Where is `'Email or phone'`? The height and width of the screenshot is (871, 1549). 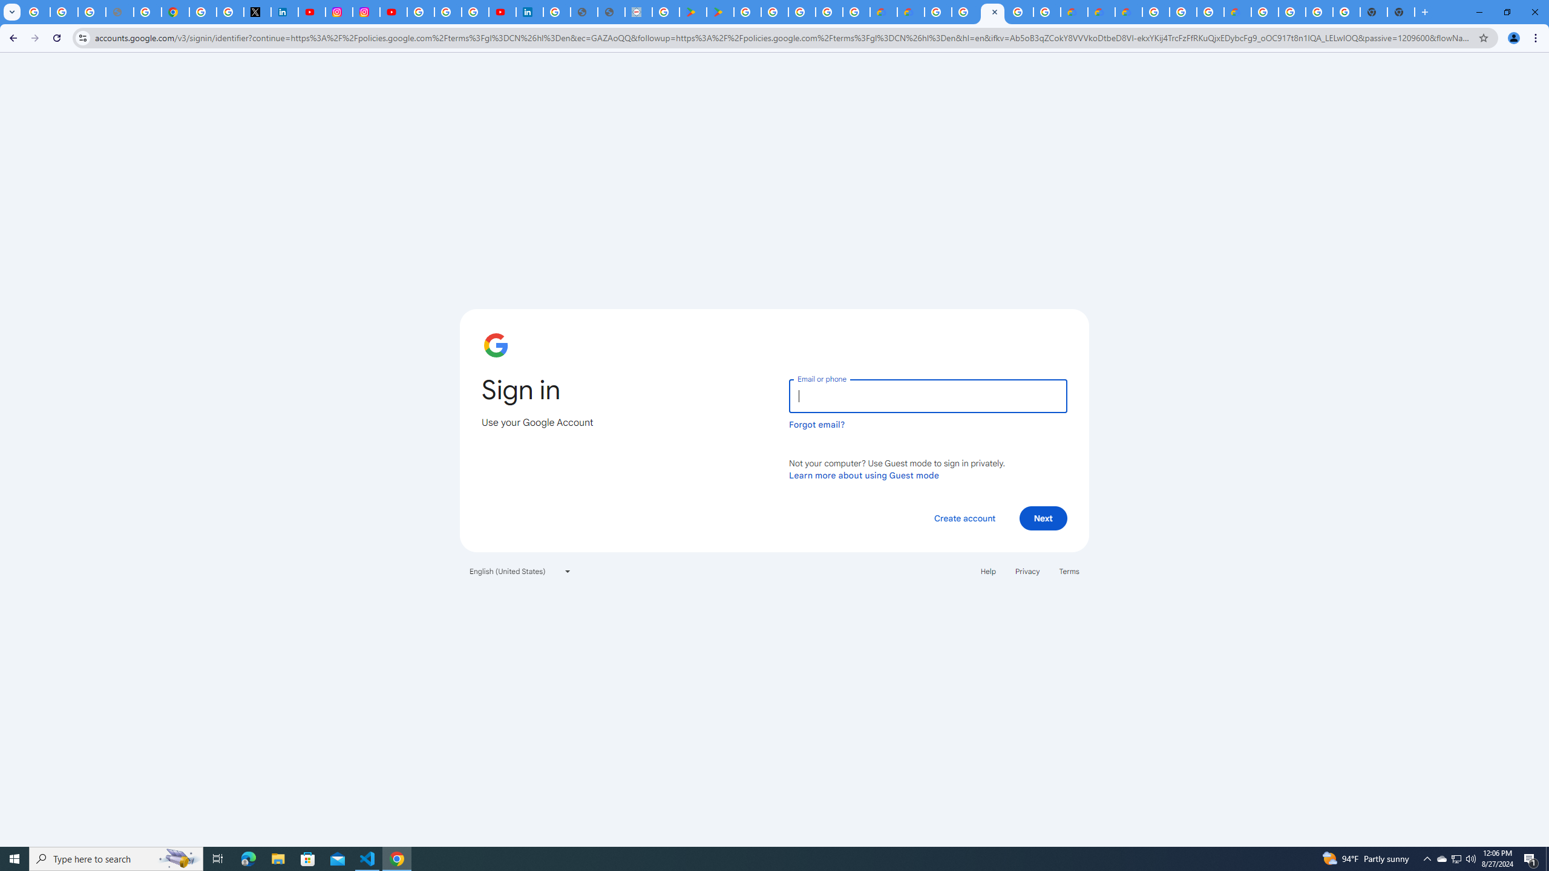
'Email or phone' is located at coordinates (927, 396).